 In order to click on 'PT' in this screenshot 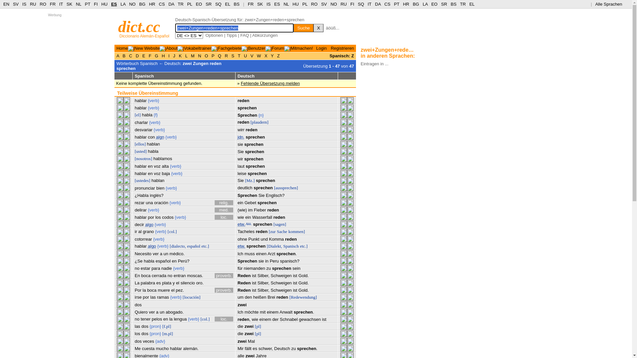, I will do `click(87, 4)`.